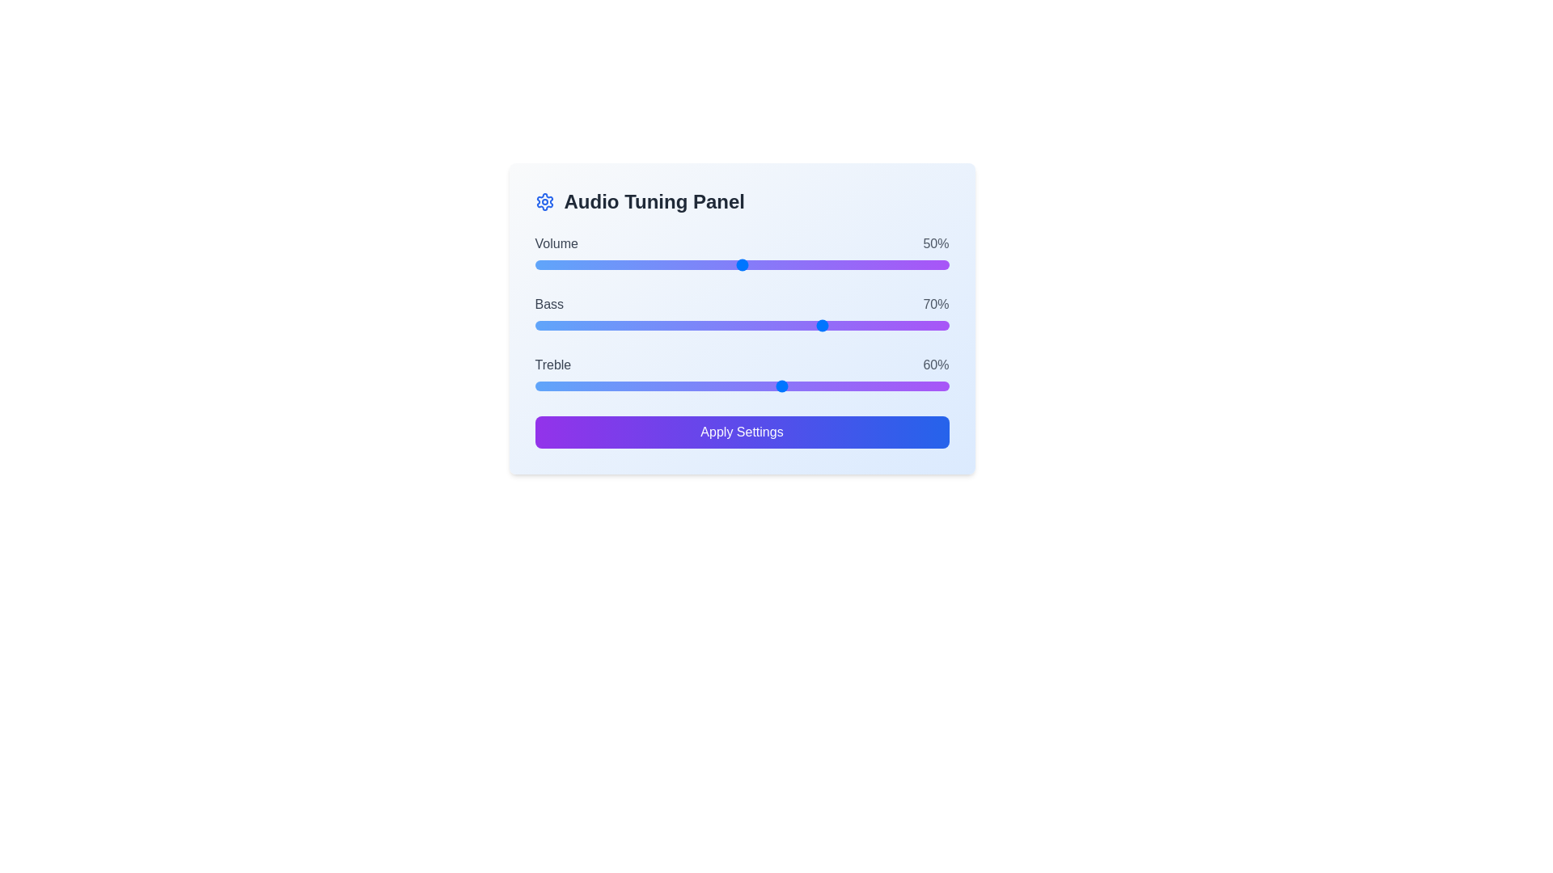  I want to click on treble, so click(874, 386).